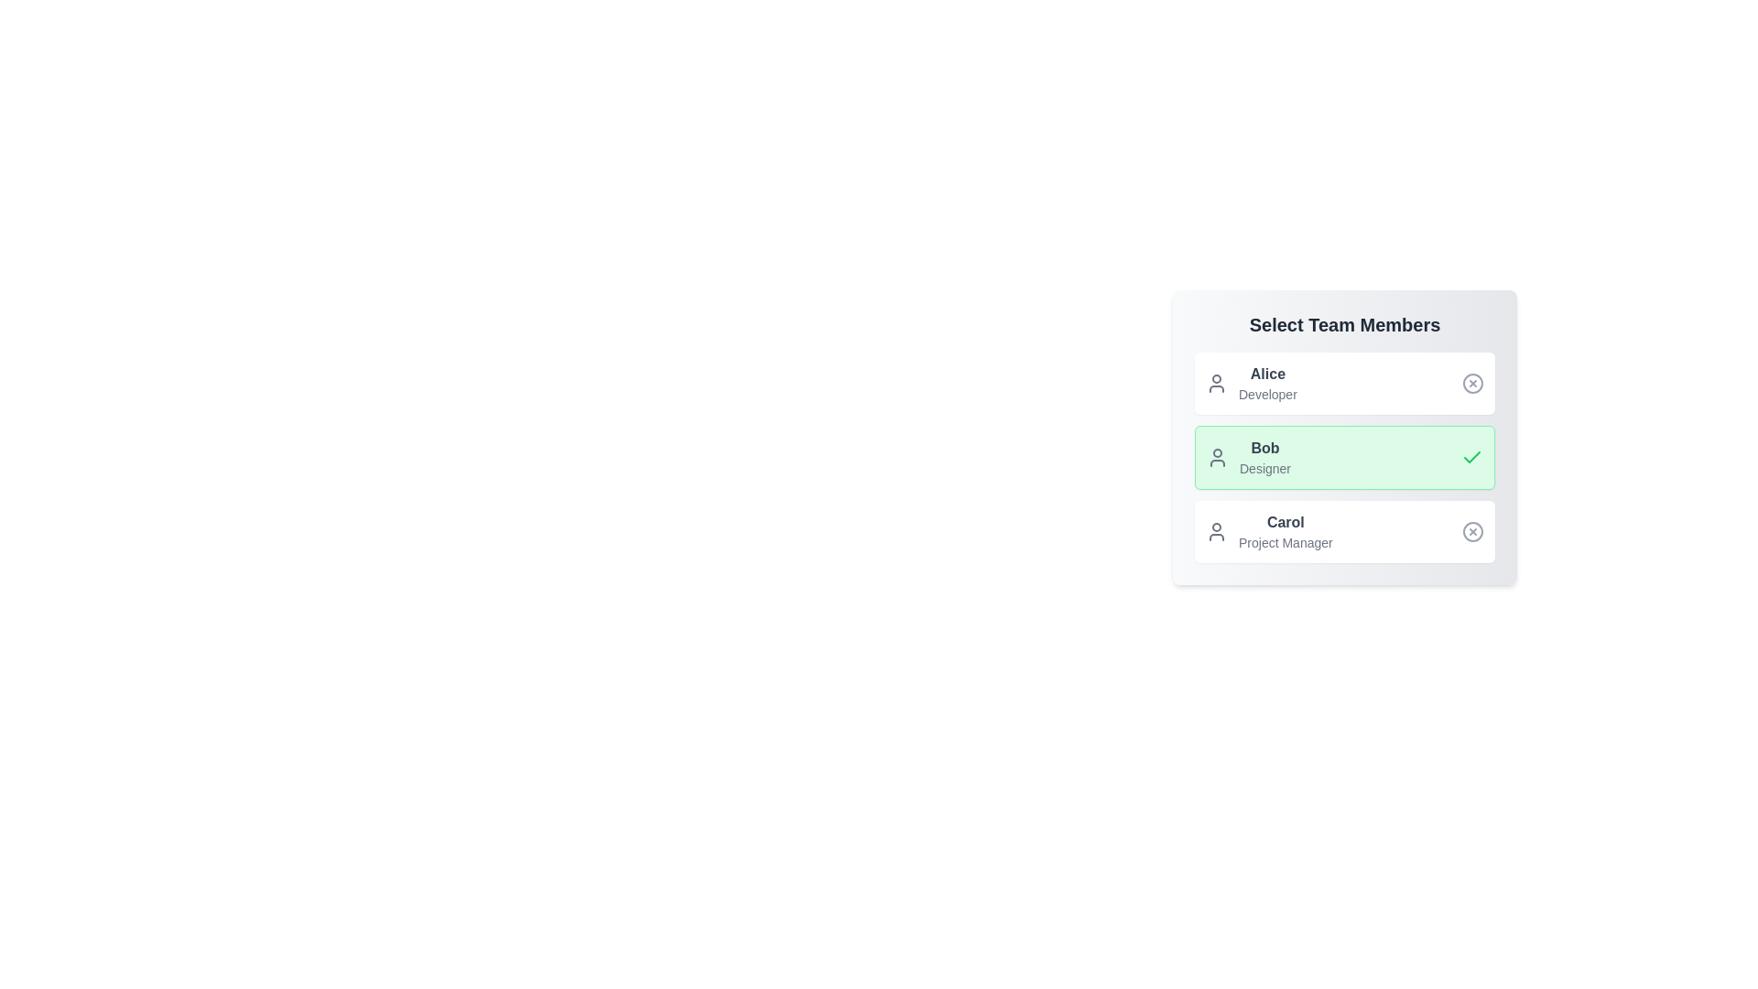 This screenshot has height=989, width=1758. Describe the element at coordinates (1344, 457) in the screenshot. I see `the profile chip for Bob` at that location.